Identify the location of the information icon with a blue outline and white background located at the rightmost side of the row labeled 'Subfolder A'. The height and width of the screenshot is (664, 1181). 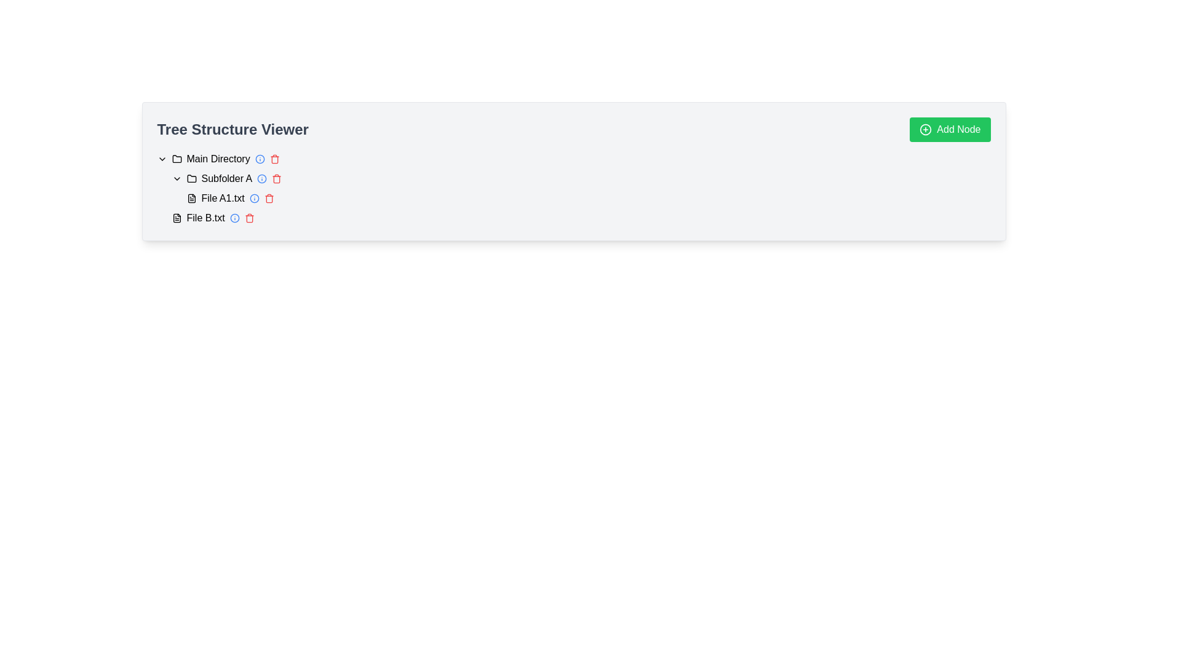
(261, 178).